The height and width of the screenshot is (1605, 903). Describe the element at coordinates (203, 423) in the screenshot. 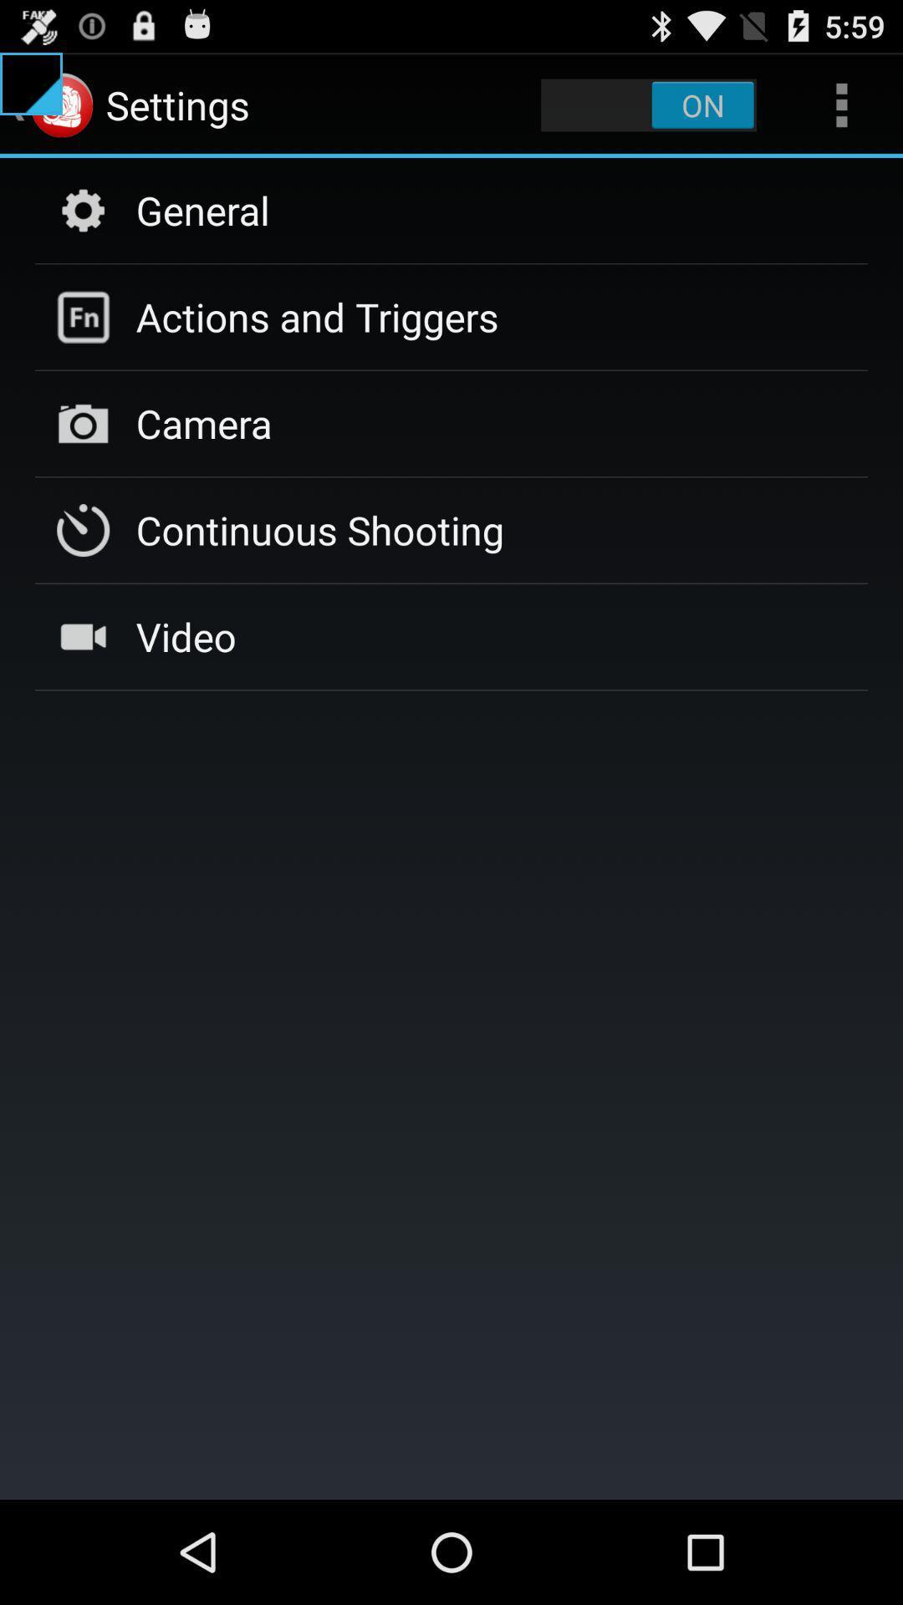

I see `camera icon` at that location.